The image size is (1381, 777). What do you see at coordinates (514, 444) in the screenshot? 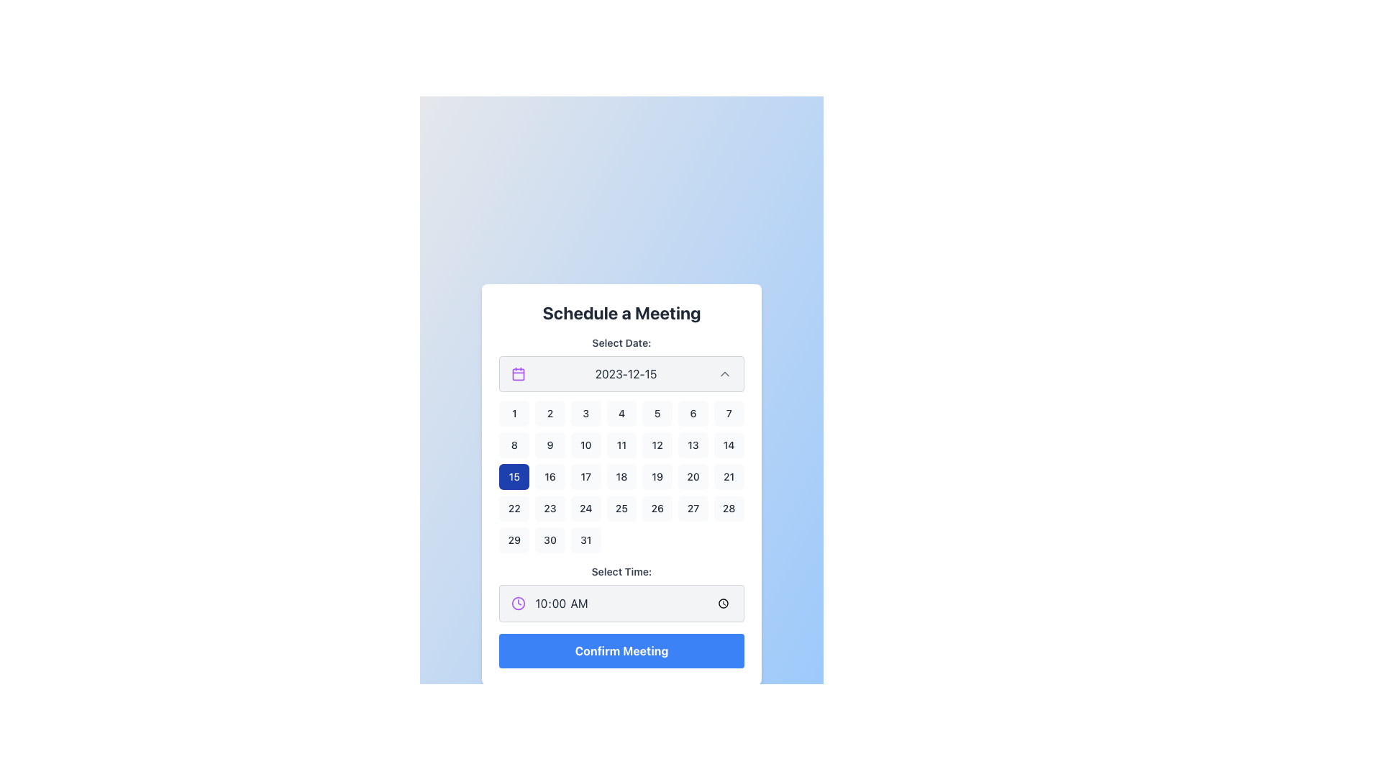
I see `the button representing the 8th day in the calendar, located in the second row and first column of the grid under the 'Select Date' heading` at bounding box center [514, 444].